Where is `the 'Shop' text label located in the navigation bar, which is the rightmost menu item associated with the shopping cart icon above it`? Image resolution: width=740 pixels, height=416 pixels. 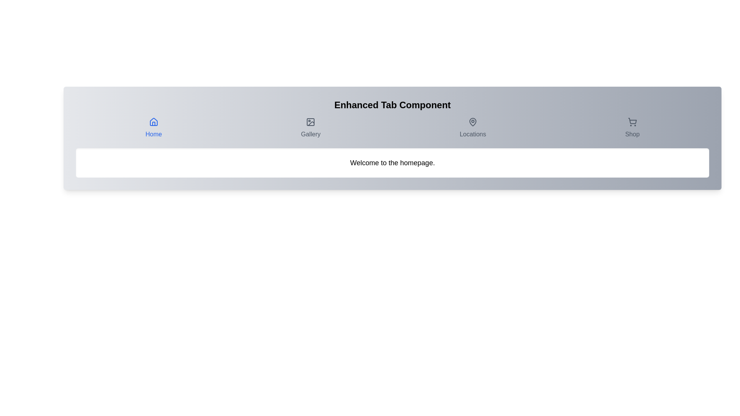
the 'Shop' text label located in the navigation bar, which is the rightmost menu item associated with the shopping cart icon above it is located at coordinates (632, 134).